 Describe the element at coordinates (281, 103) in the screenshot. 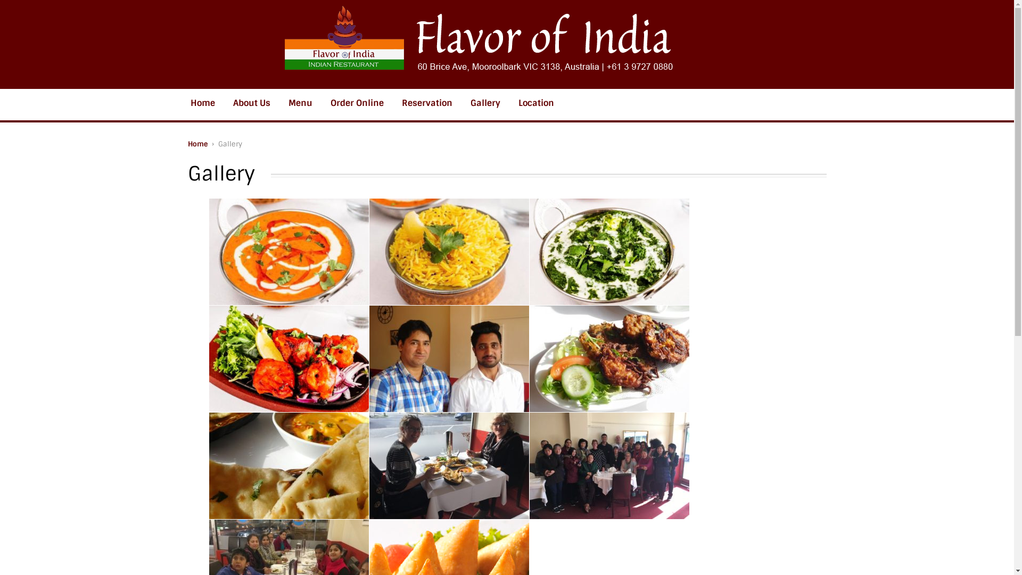

I see `'Menu'` at that location.